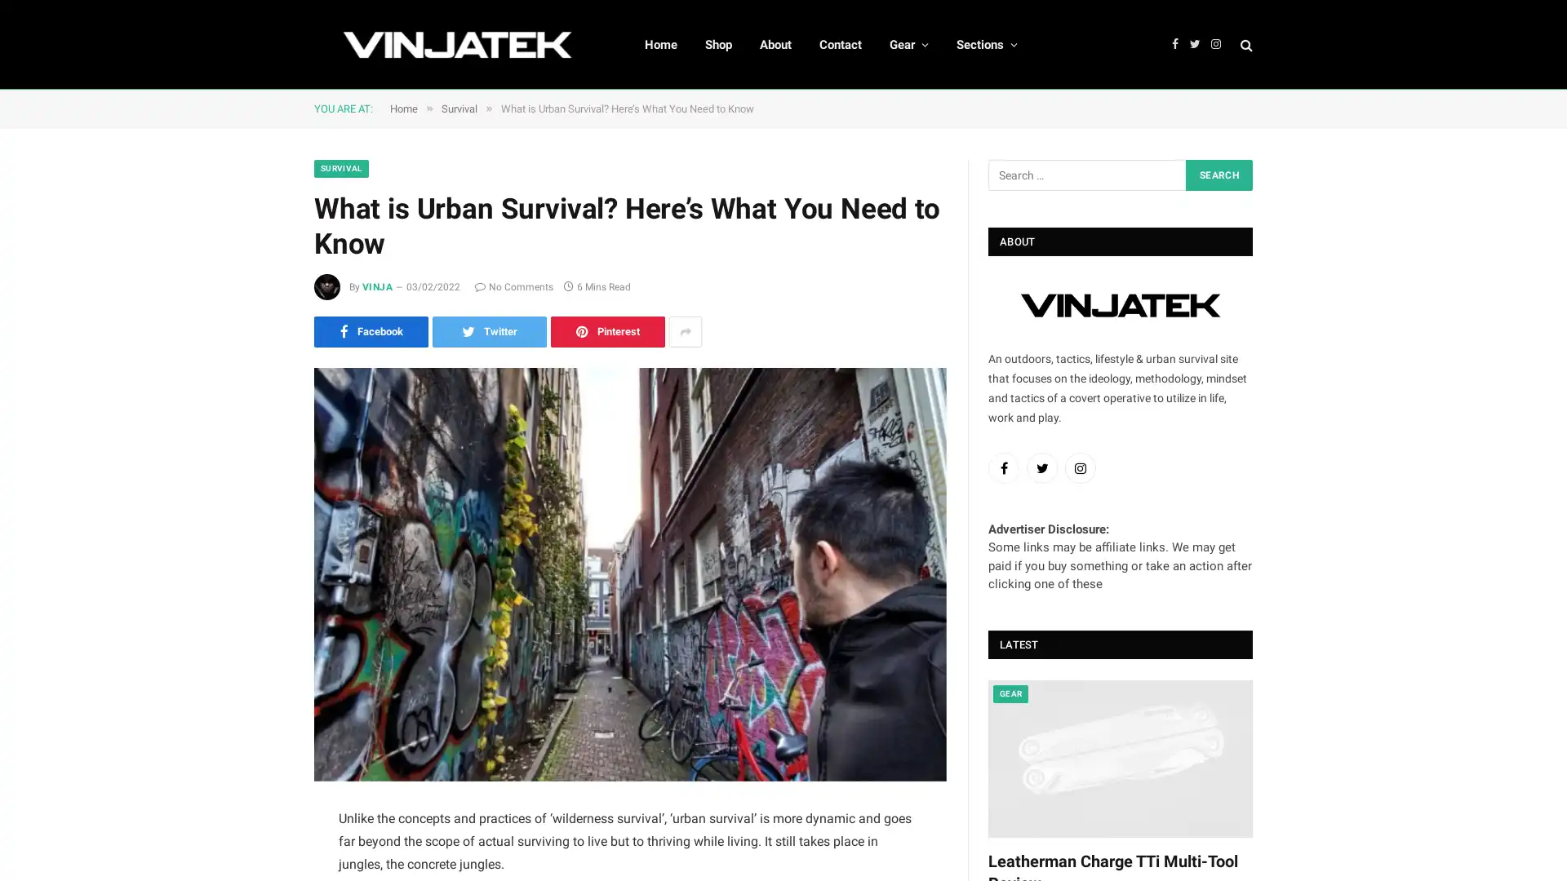 This screenshot has height=881, width=1567. What do you see at coordinates (1219, 174) in the screenshot?
I see `Search` at bounding box center [1219, 174].